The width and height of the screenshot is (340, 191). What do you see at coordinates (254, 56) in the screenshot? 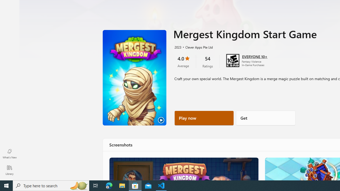
I see `'Age rating: EVERYONE 10+. Click for more information.'` at bounding box center [254, 56].